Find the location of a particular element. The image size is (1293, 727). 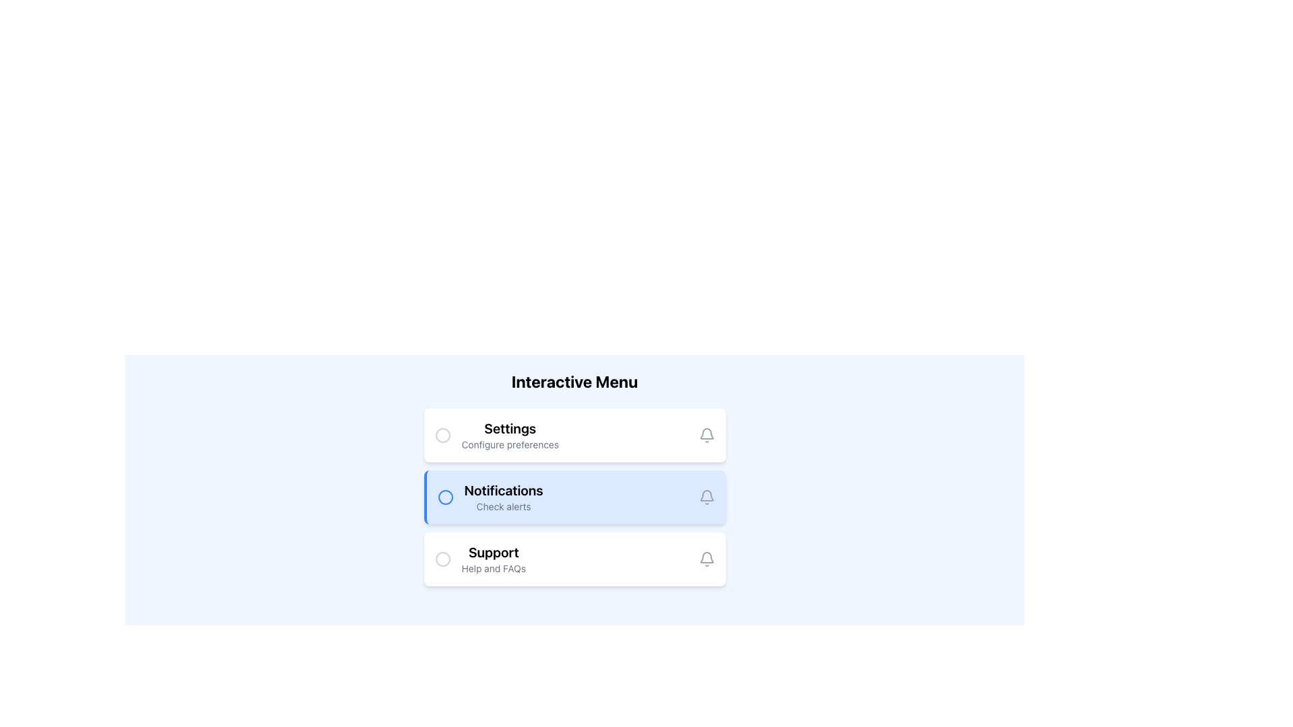

the notification icon located in the 'Support' section of the interactive menu, which is the third element from the right at the bottom of the list is located at coordinates (706, 559).